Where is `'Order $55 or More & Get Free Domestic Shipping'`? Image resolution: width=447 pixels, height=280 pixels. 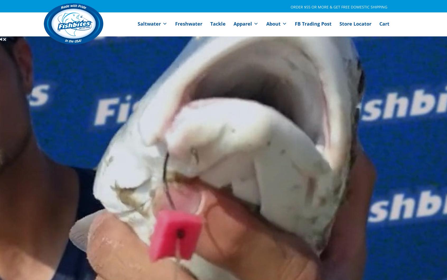
'Order $55 or More & Get Free Domestic Shipping' is located at coordinates (339, 7).